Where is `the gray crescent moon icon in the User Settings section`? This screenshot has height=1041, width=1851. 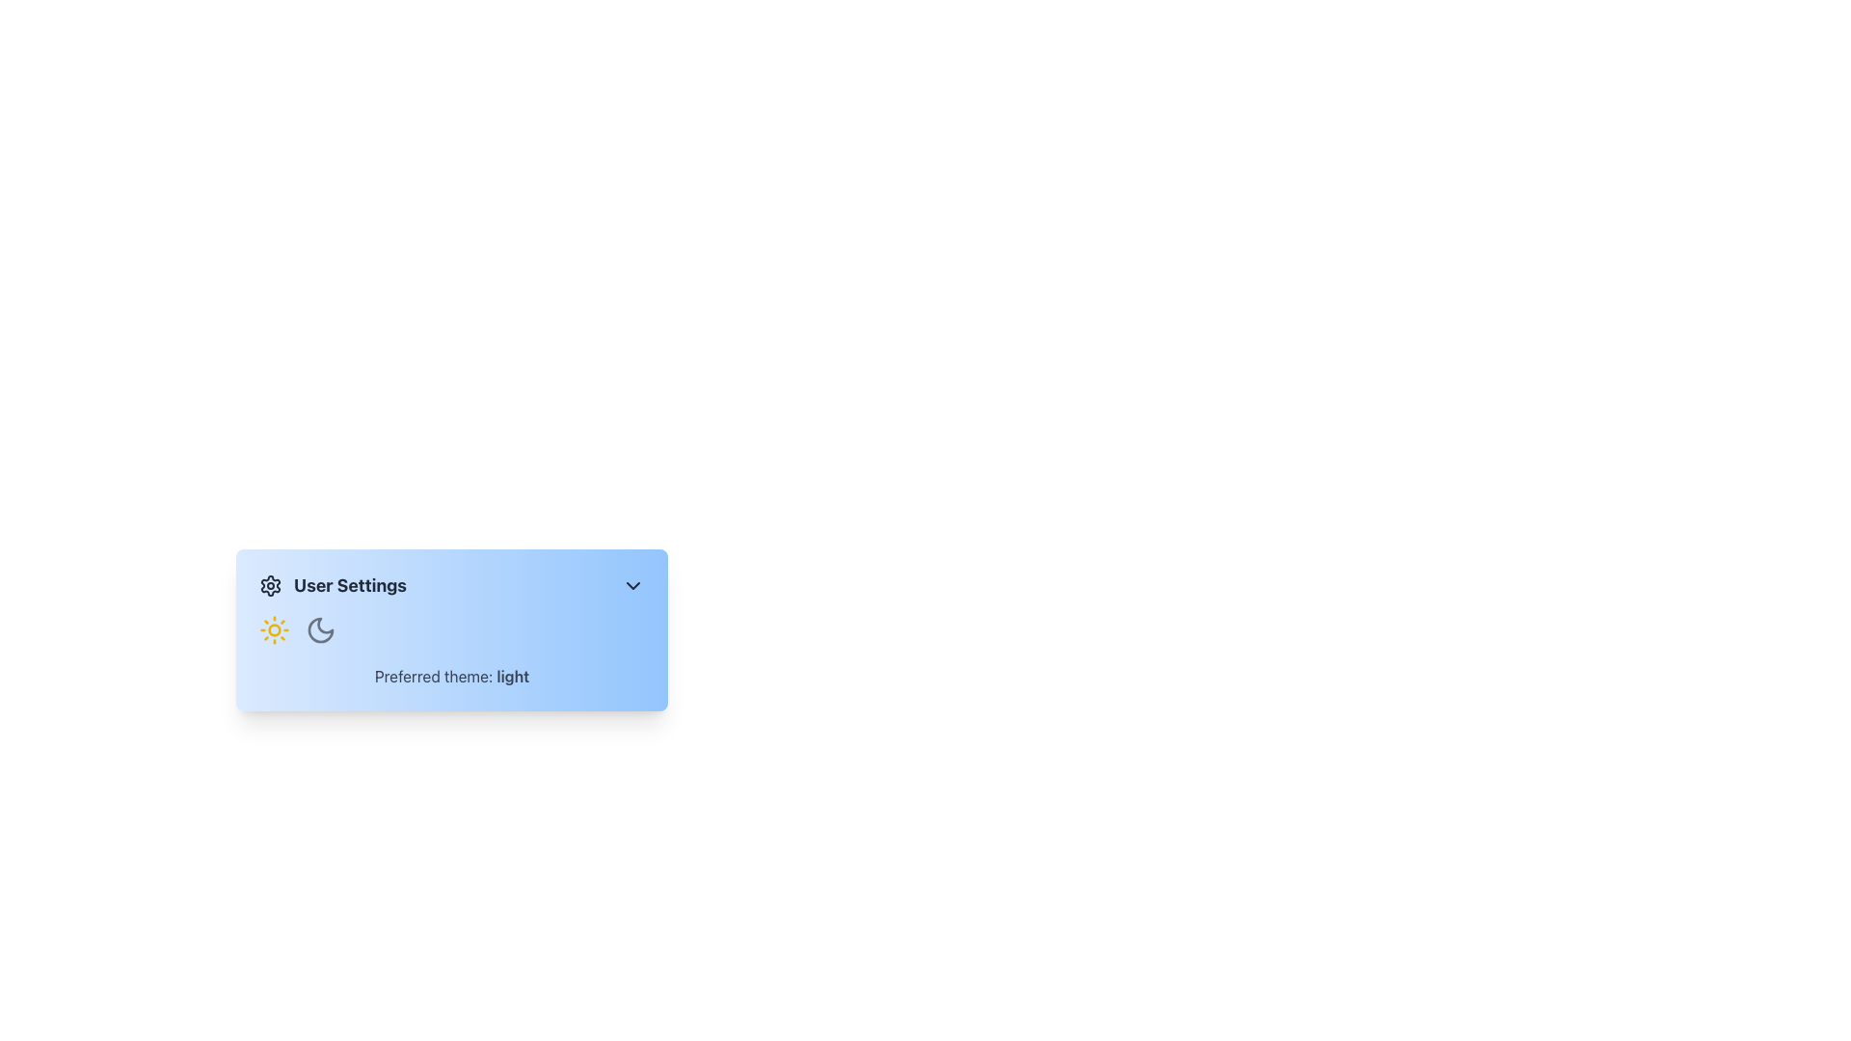
the gray crescent moon icon in the User Settings section is located at coordinates (320, 630).